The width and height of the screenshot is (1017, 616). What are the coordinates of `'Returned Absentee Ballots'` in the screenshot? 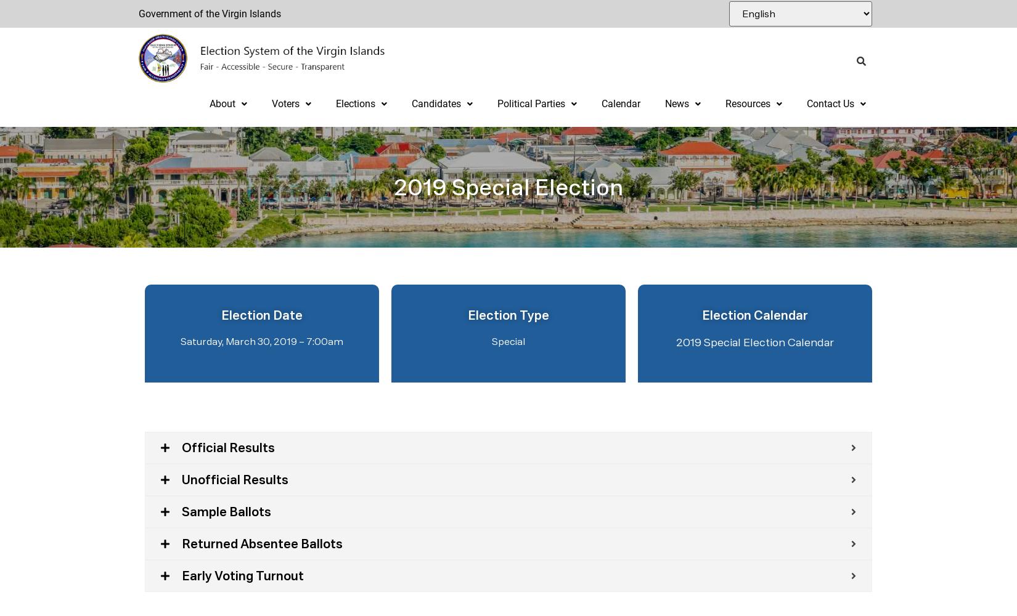 It's located at (261, 544).